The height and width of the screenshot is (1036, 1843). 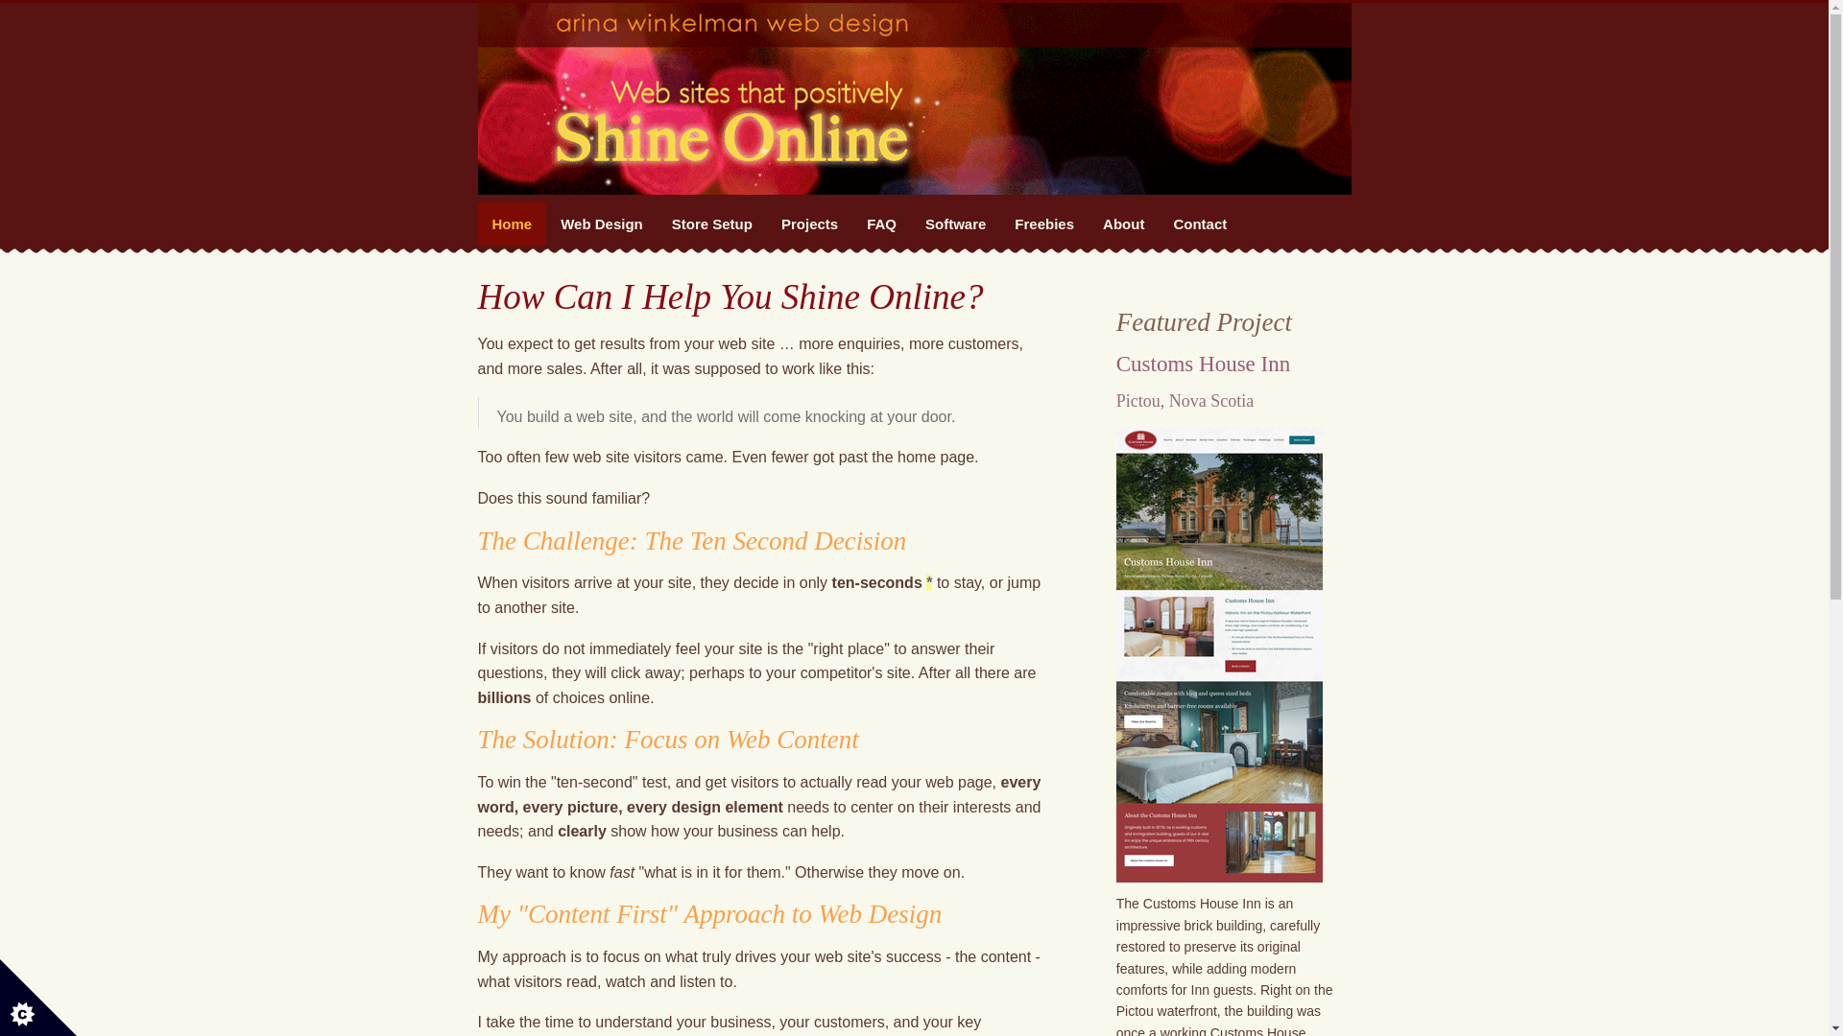 I want to click on '*', so click(x=929, y=581).